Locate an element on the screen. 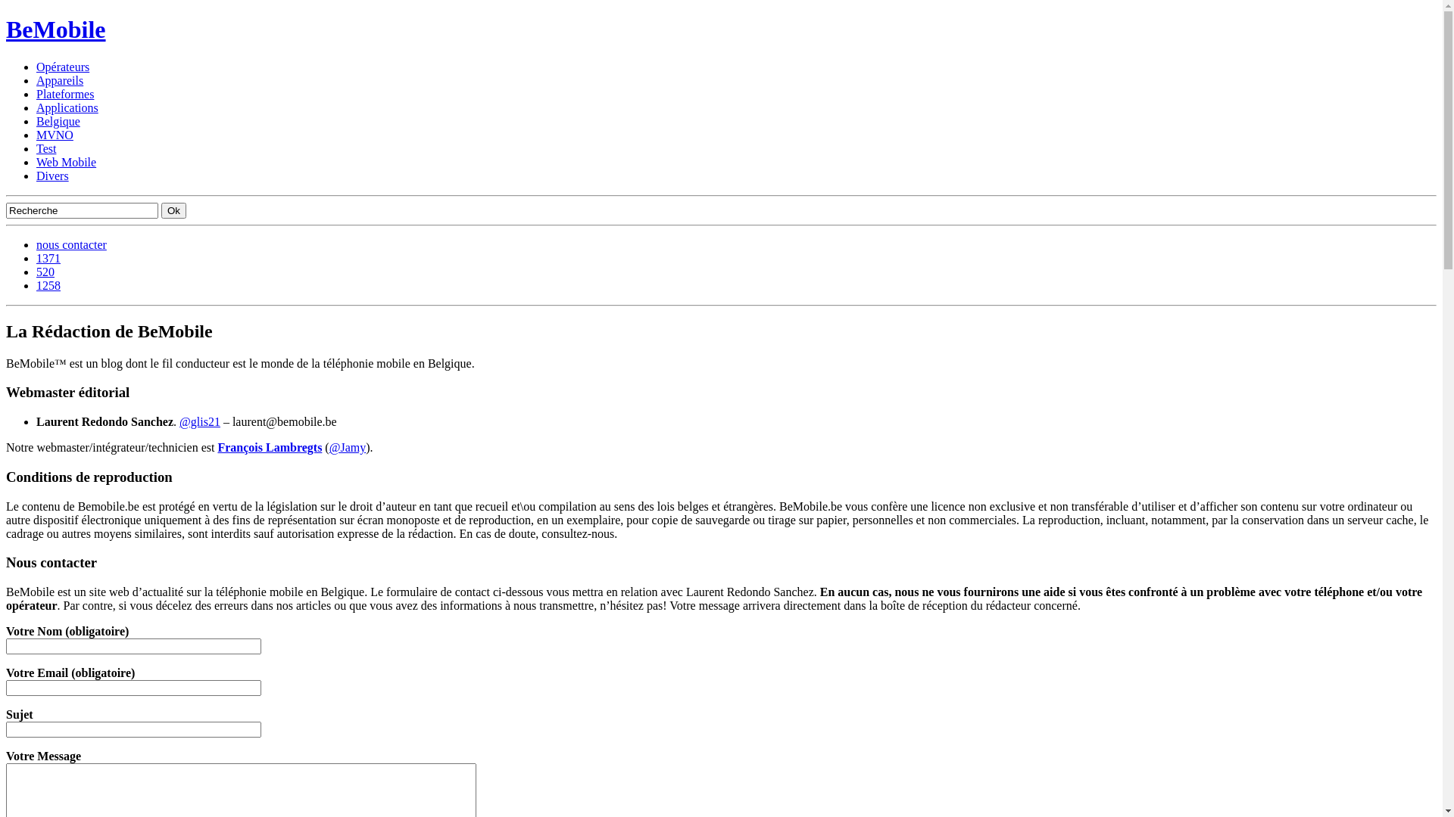  'Applications' is located at coordinates (36, 107).